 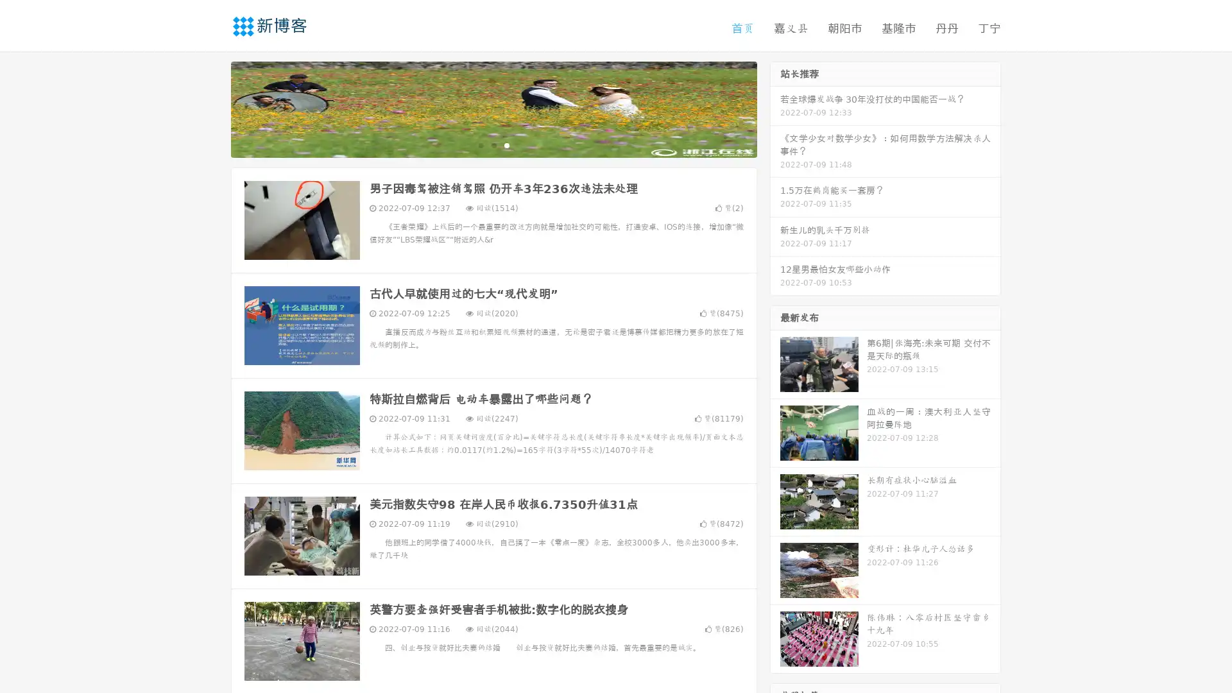 I want to click on Previous slide, so click(x=212, y=108).